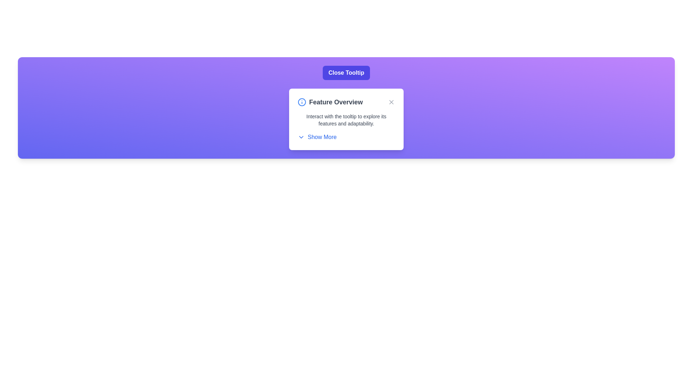  I want to click on the close button icon located in the top-right corner of the 'Feature Overview' card to dismiss the tooltip or remove the associated component, so click(391, 102).